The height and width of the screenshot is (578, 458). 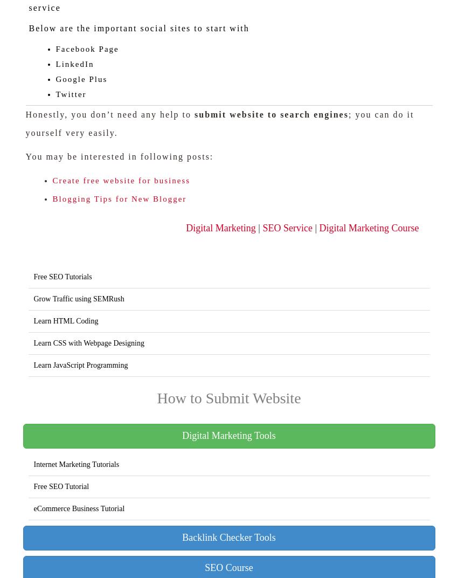 I want to click on 'Internet Marketing Tutorials', so click(x=33, y=464).